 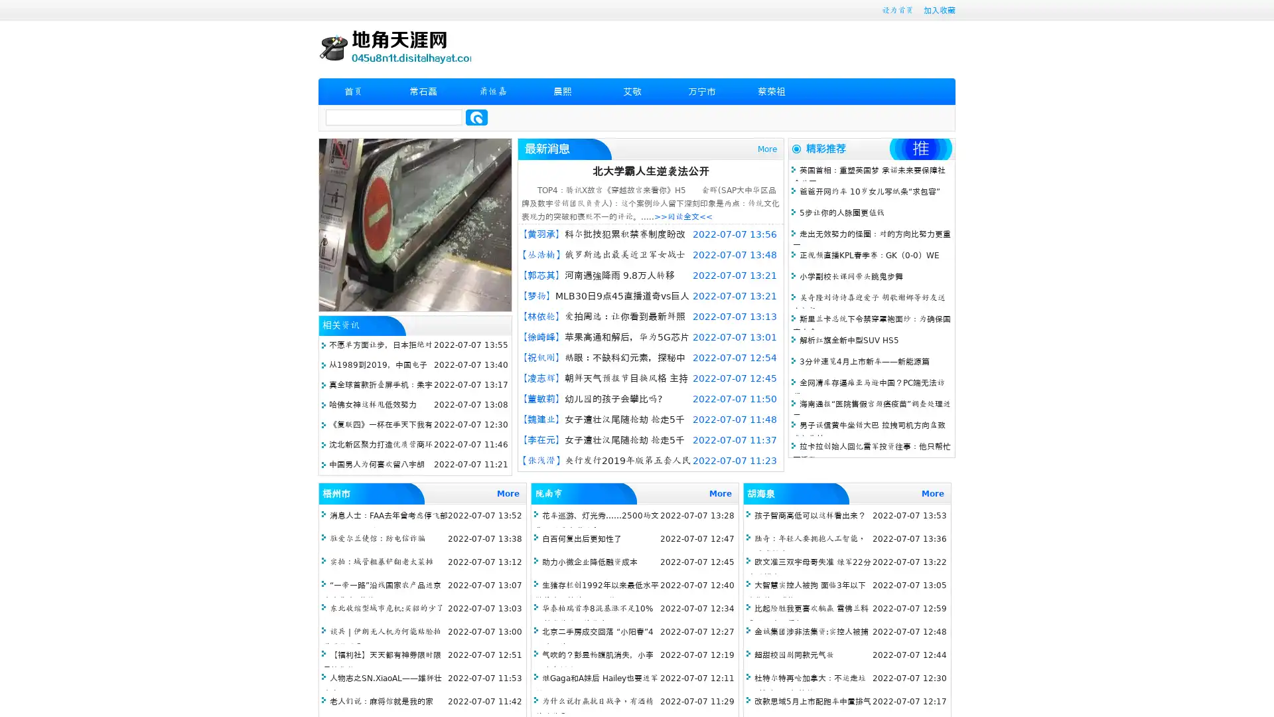 What do you see at coordinates (476, 117) in the screenshot?
I see `Search` at bounding box center [476, 117].